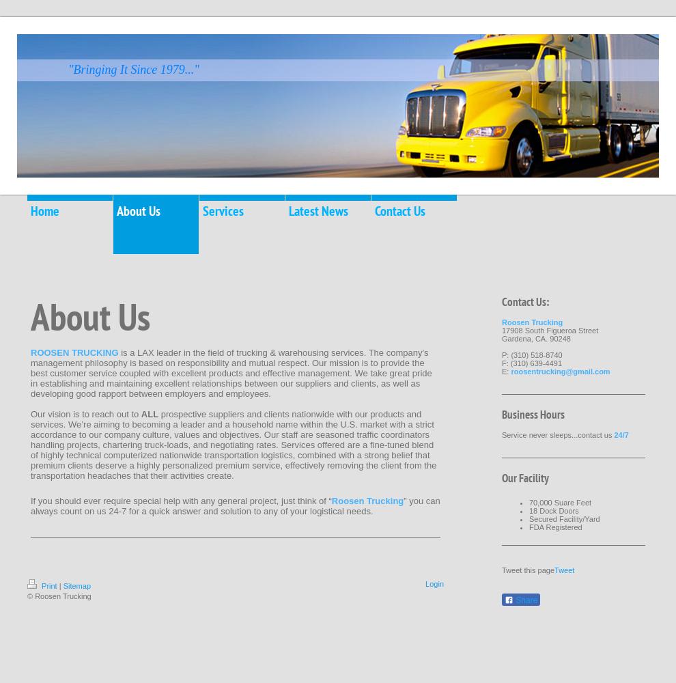 Image resolution: width=676 pixels, height=683 pixels. Describe the element at coordinates (374, 211) in the screenshot. I see `'Contact Us'` at that location.